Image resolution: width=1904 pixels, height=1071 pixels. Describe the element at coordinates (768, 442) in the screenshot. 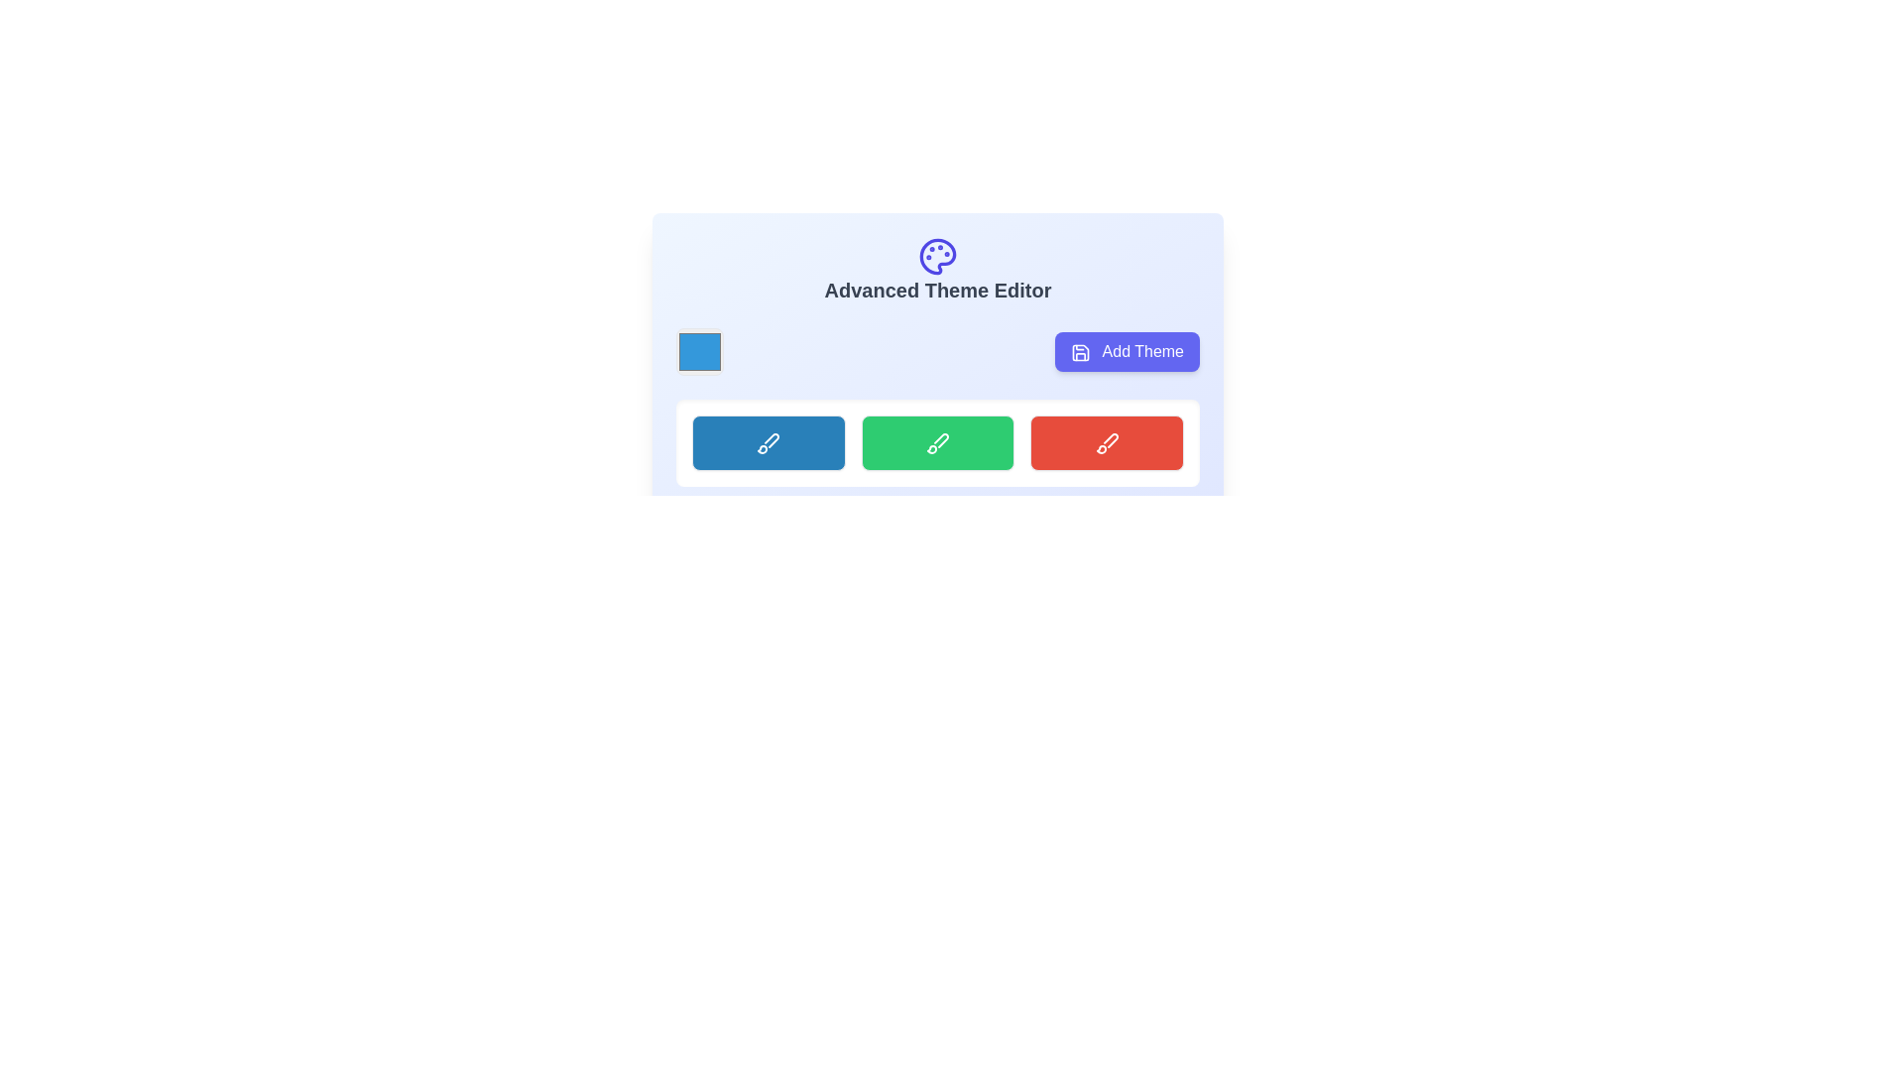

I see `the blue rectangular button with a paintbrush icon located beneath the 'Advanced Theme Editor' header` at that location.